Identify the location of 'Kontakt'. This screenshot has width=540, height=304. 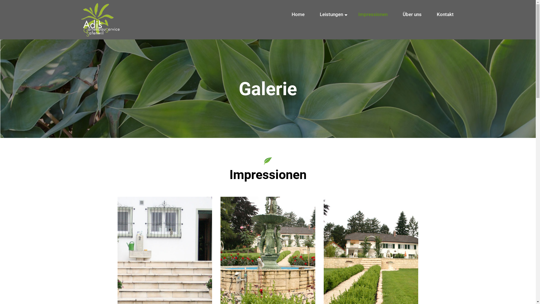
(445, 14).